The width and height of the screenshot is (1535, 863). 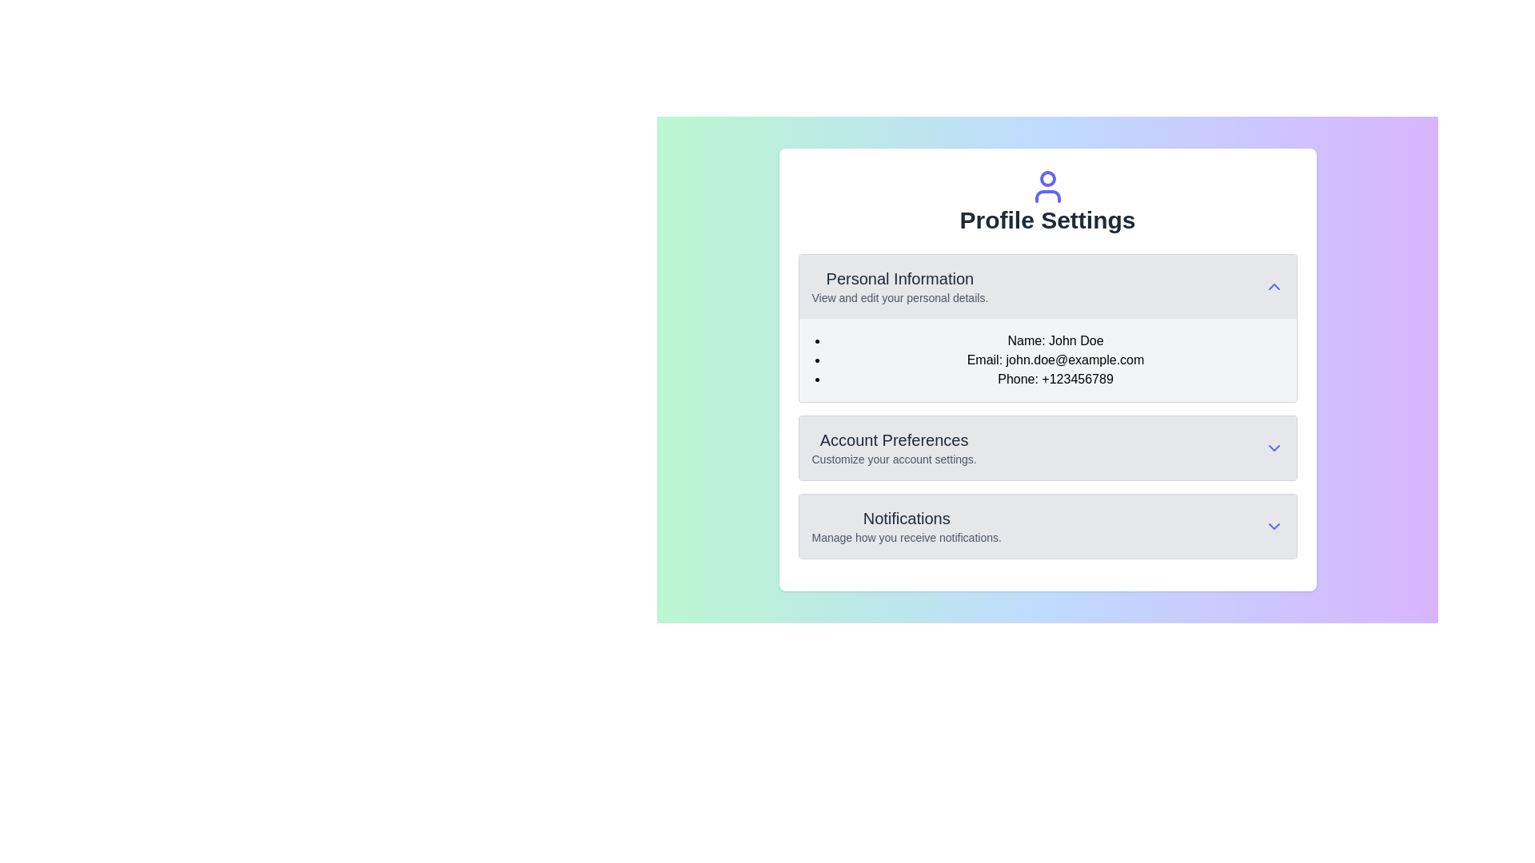 I want to click on the Text block containing personal information formatted as a bulleted list, which includes a person's name, email, and phone number, located under the 'Personal Information' header, so click(x=1047, y=360).